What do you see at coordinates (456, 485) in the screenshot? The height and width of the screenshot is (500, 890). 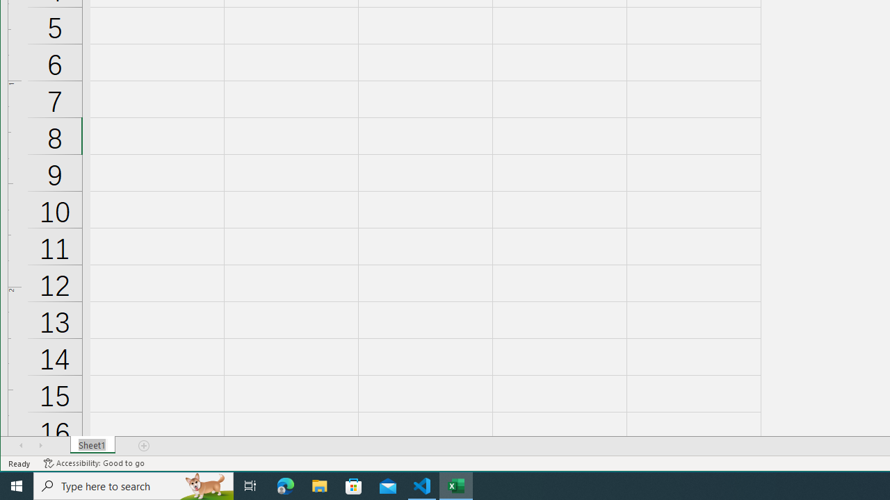 I see `'Excel - 1 running window'` at bounding box center [456, 485].